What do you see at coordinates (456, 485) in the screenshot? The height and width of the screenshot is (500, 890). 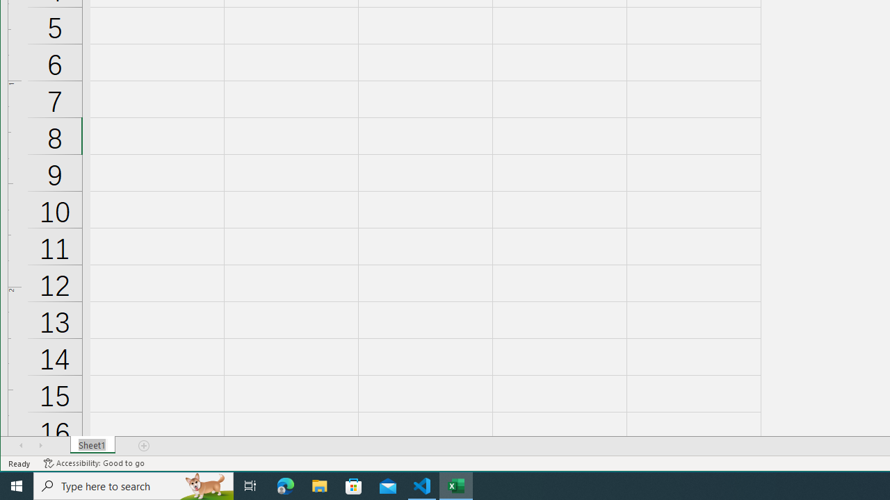 I see `'Excel - 1 running window'` at bounding box center [456, 485].